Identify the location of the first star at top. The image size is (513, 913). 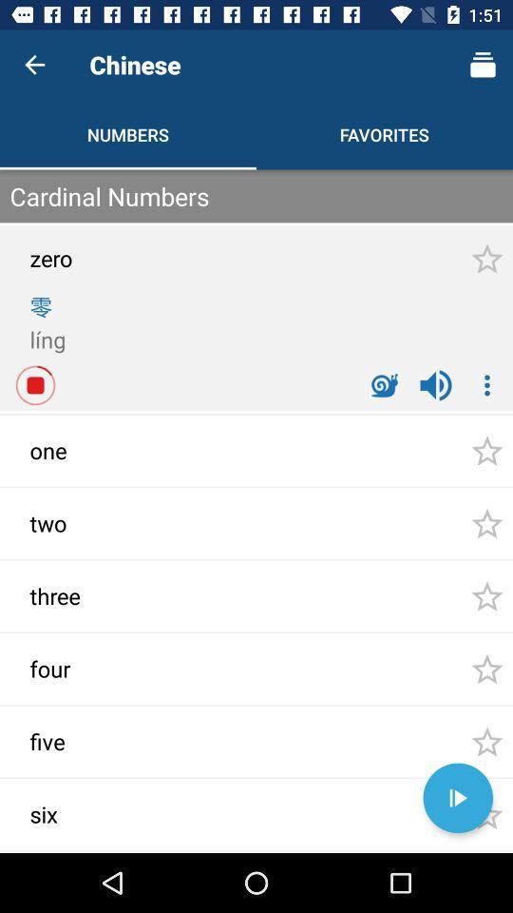
(487, 257).